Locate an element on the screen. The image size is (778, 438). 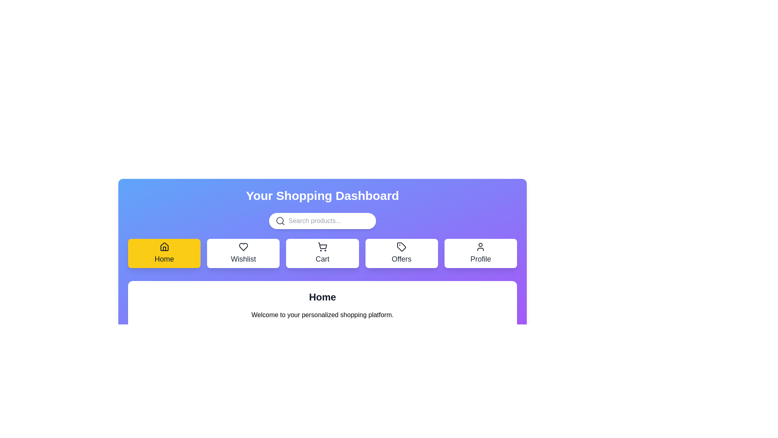
the 'Wishlist' button, which is the second button from the left in the navigation menu, located between the 'Home' and 'Cart' buttons, to trigger hover effects is located at coordinates (243, 253).